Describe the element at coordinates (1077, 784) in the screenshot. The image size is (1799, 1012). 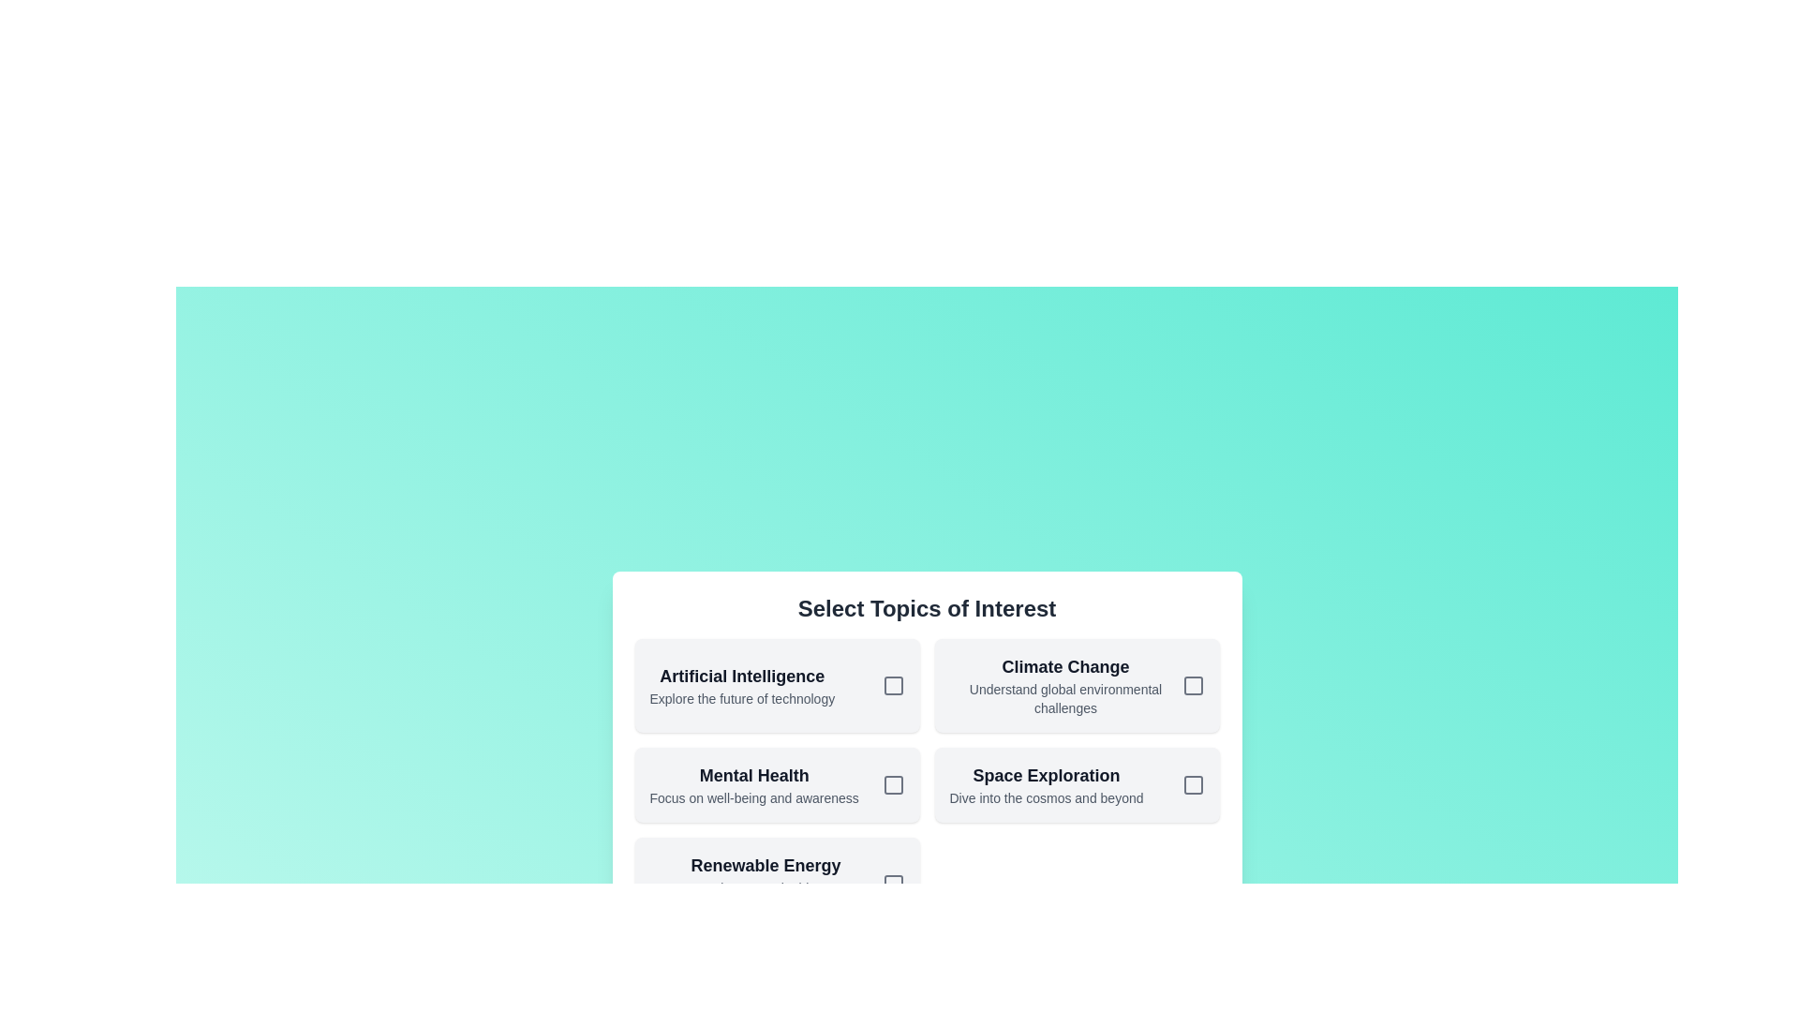
I see `the card representing the topic Space Exploration` at that location.